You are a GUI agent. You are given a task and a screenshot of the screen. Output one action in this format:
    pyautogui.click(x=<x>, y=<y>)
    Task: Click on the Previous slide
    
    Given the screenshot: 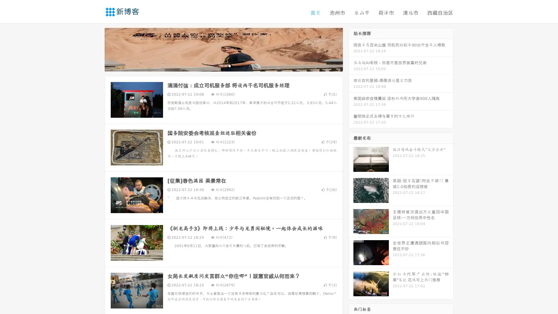 What is the action you would take?
    pyautogui.click(x=96, y=49)
    